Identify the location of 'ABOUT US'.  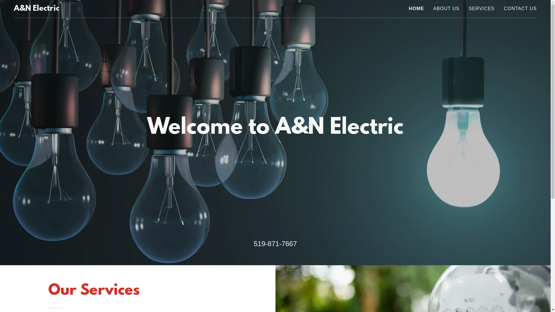
(446, 9).